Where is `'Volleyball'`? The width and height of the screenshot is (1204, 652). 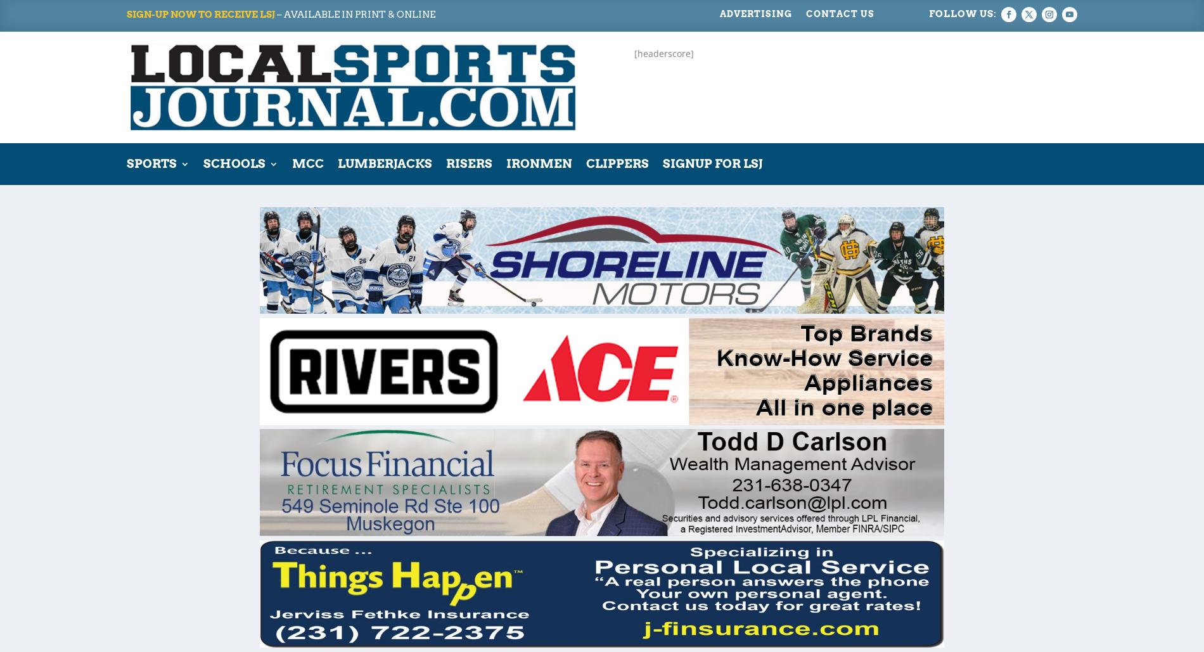 'Volleyball' is located at coordinates (186, 597).